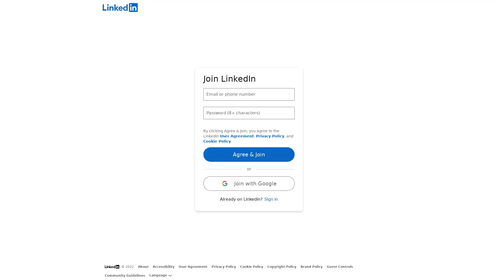 Image resolution: width=498 pixels, height=280 pixels. What do you see at coordinates (249, 154) in the screenshot?
I see `Agree & Join` at bounding box center [249, 154].